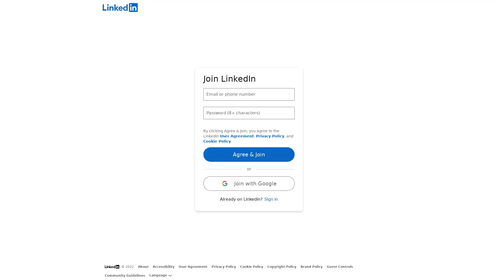 Image resolution: width=498 pixels, height=280 pixels. What do you see at coordinates (249, 154) in the screenshot?
I see `Agree & Join` at bounding box center [249, 154].